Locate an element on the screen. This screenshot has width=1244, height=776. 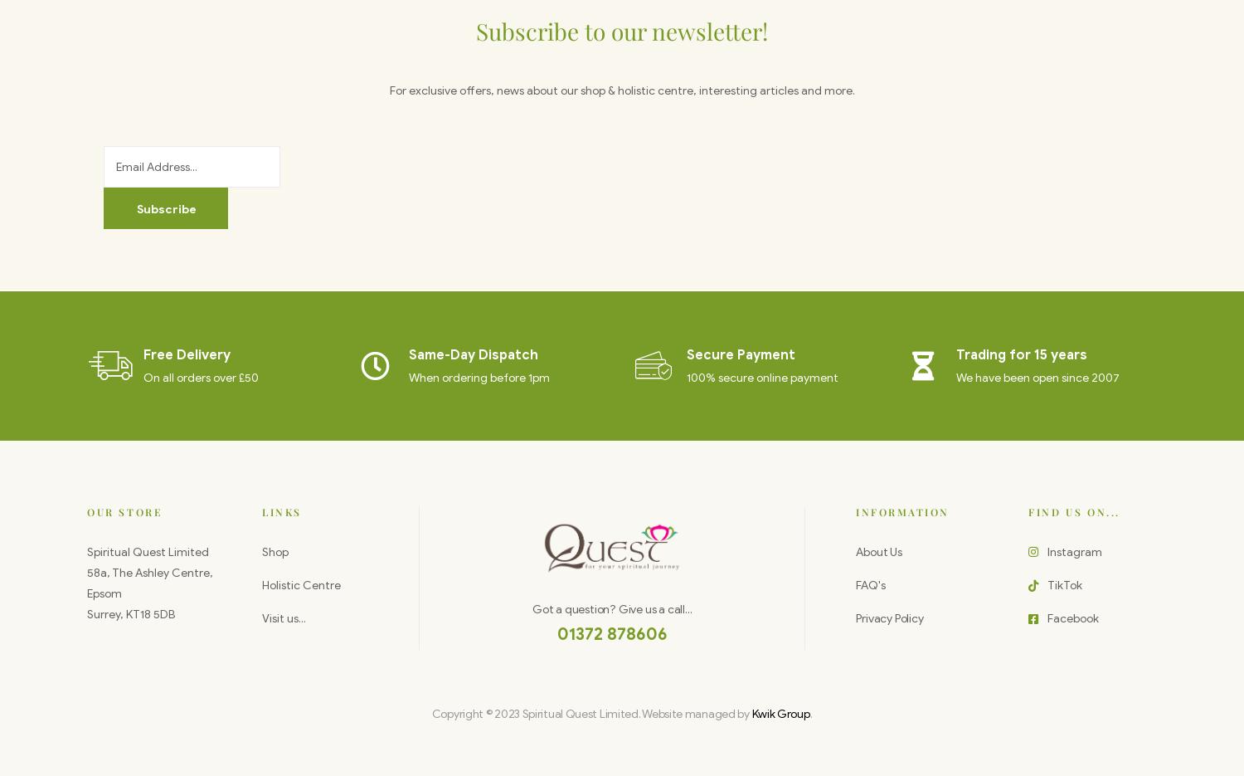
'Surrey, KT18 5DB' is located at coordinates (86, 614).